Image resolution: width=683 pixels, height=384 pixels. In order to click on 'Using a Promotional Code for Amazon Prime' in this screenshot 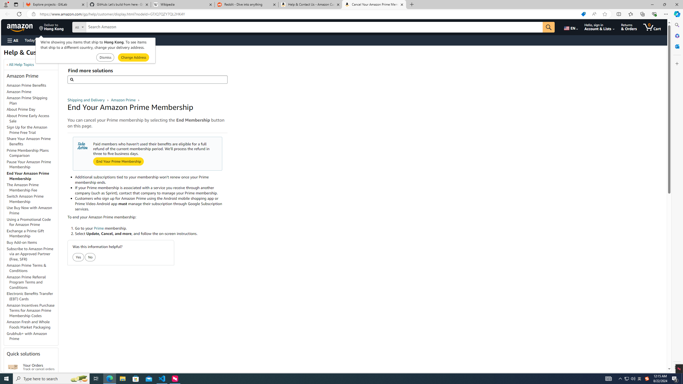, I will do `click(29, 222)`.